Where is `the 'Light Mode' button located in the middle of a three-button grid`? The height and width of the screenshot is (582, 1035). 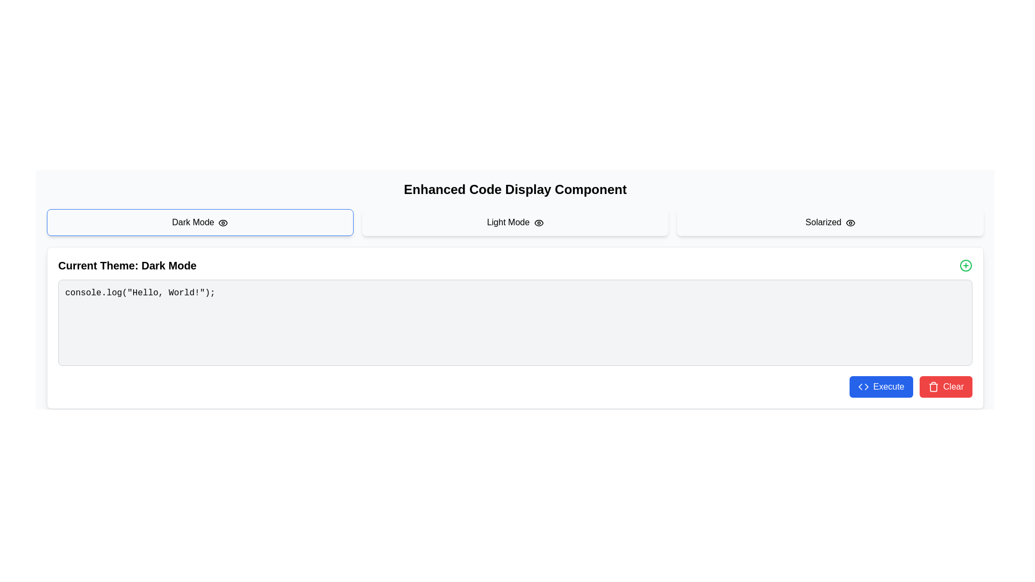 the 'Light Mode' button located in the middle of a three-button grid is located at coordinates (514, 221).